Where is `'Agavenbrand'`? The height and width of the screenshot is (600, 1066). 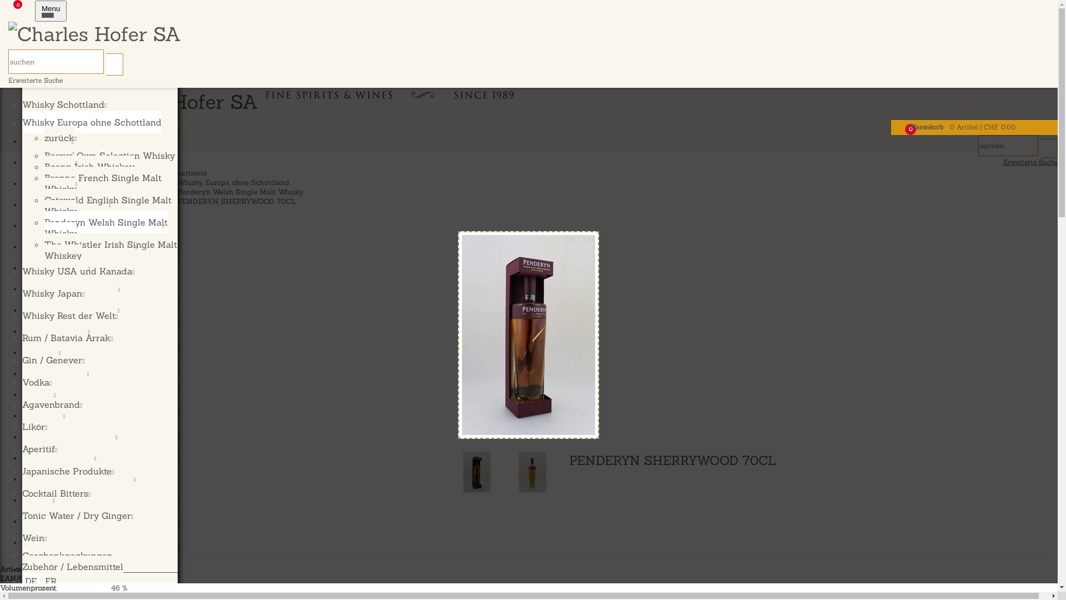
'Agavenbrand' is located at coordinates (52, 404).